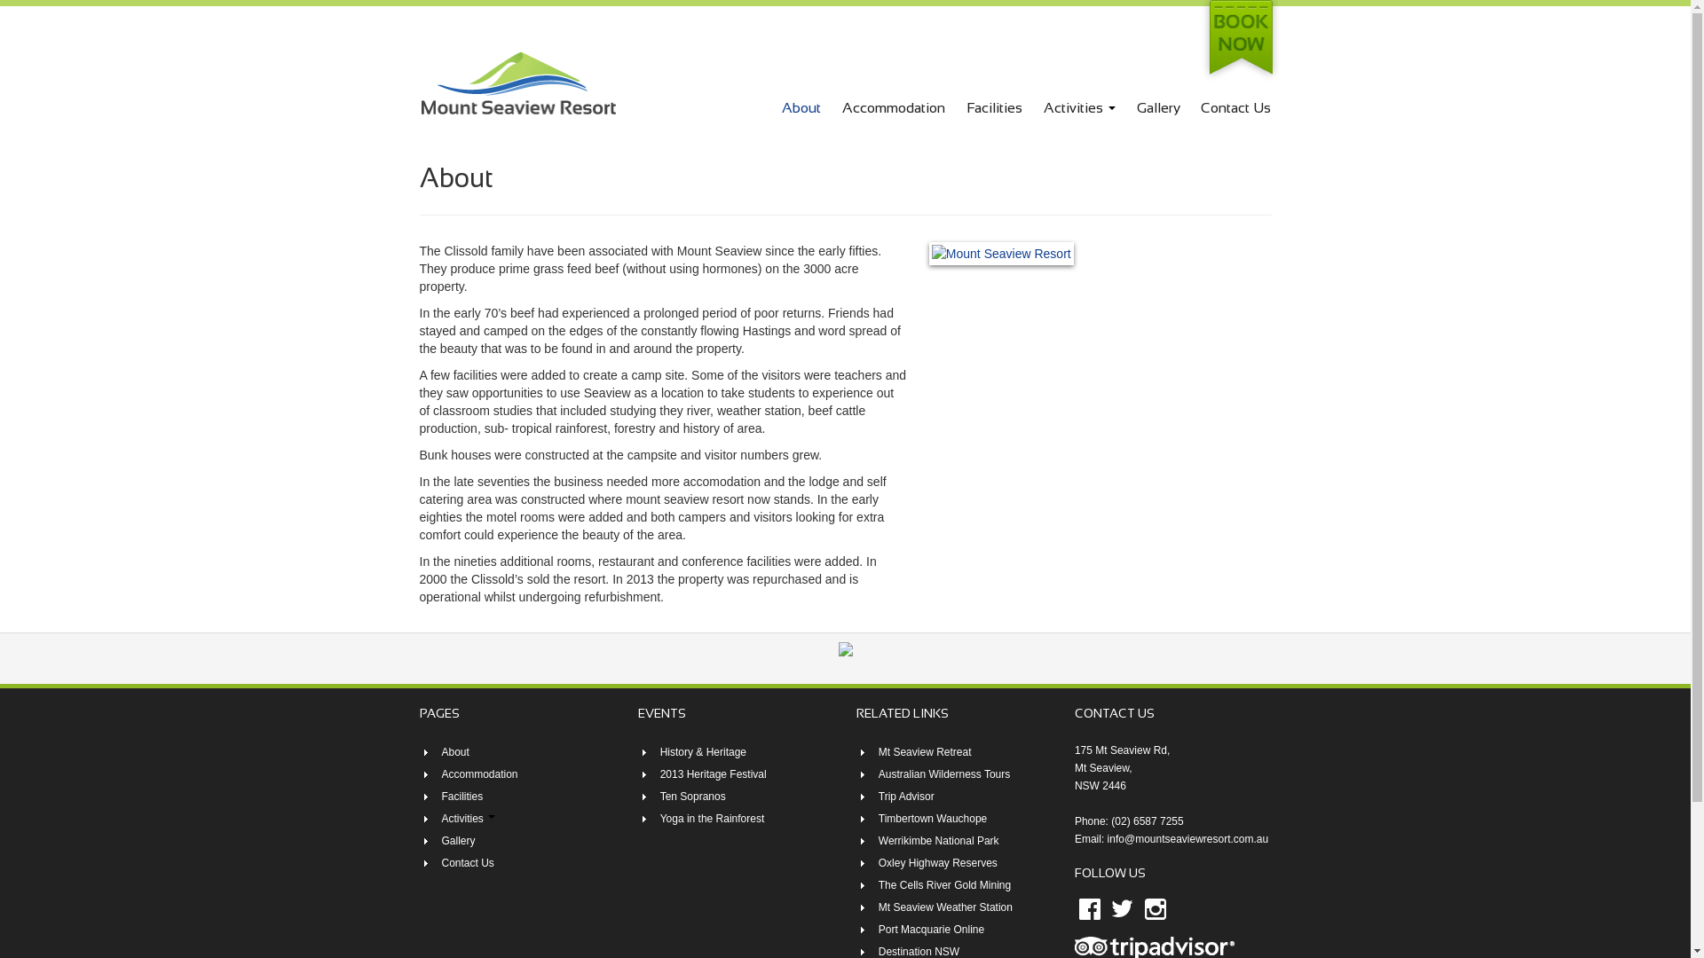 This screenshot has height=958, width=1704. What do you see at coordinates (943, 885) in the screenshot?
I see `'The Cells River Gold Mining'` at bounding box center [943, 885].